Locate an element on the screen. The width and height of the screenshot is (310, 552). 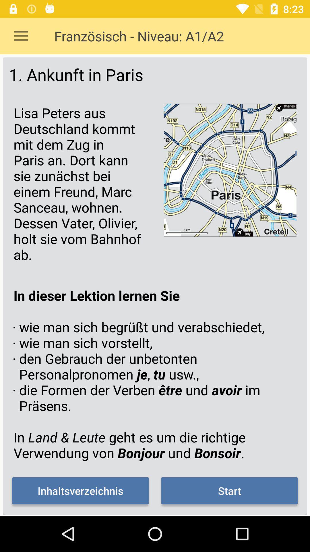
the start item is located at coordinates (229, 490).